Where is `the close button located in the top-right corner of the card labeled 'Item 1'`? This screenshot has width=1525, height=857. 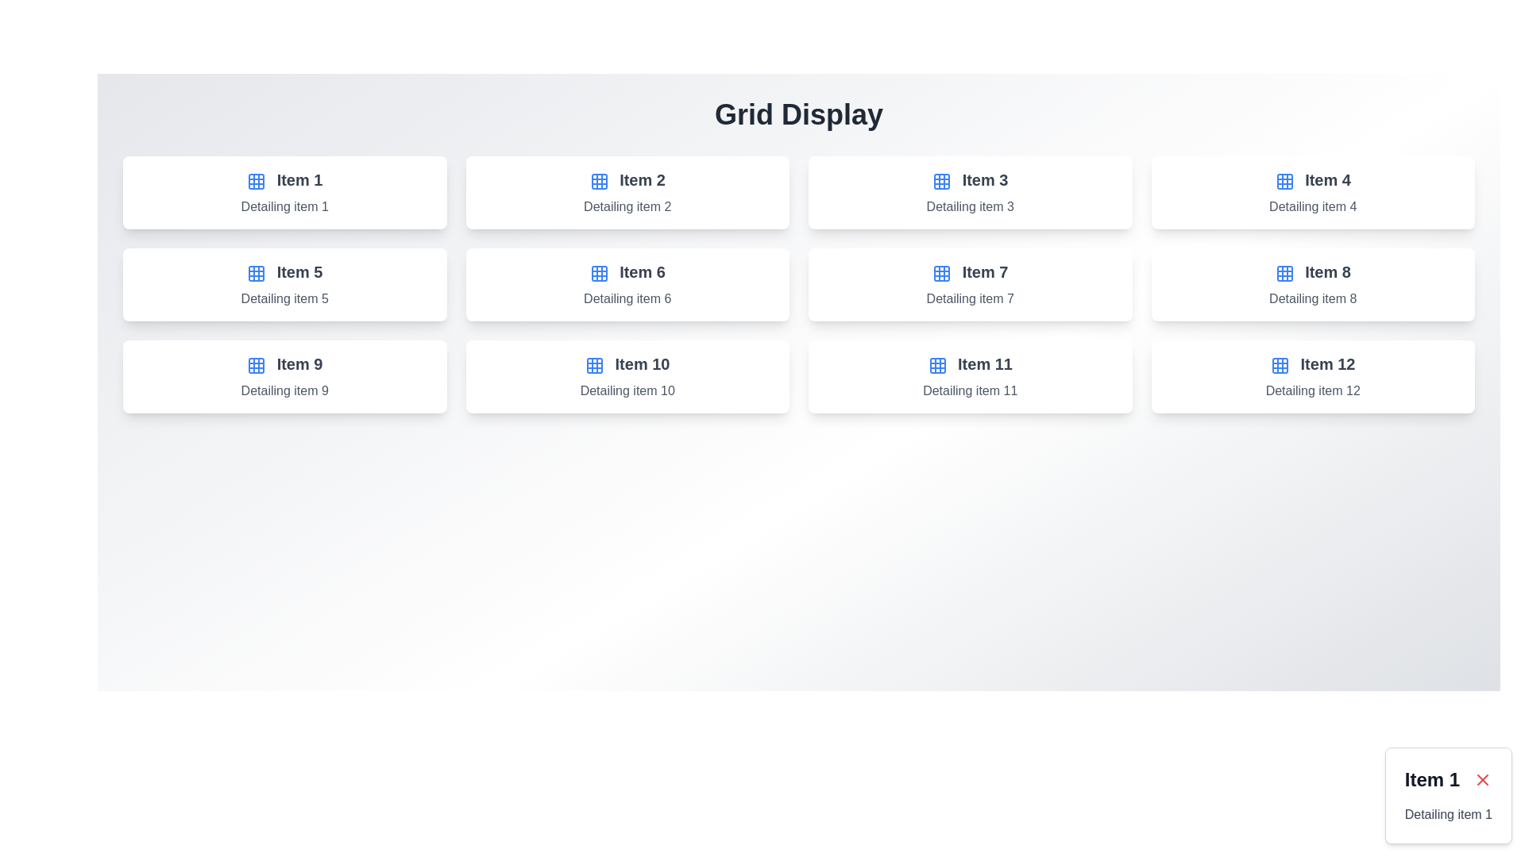
the close button located in the top-right corner of the card labeled 'Item 1' is located at coordinates (1482, 779).